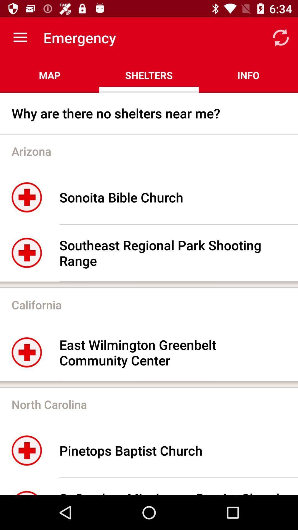 This screenshot has width=298, height=530. What do you see at coordinates (26, 451) in the screenshot?
I see `the first image in north carolina` at bounding box center [26, 451].